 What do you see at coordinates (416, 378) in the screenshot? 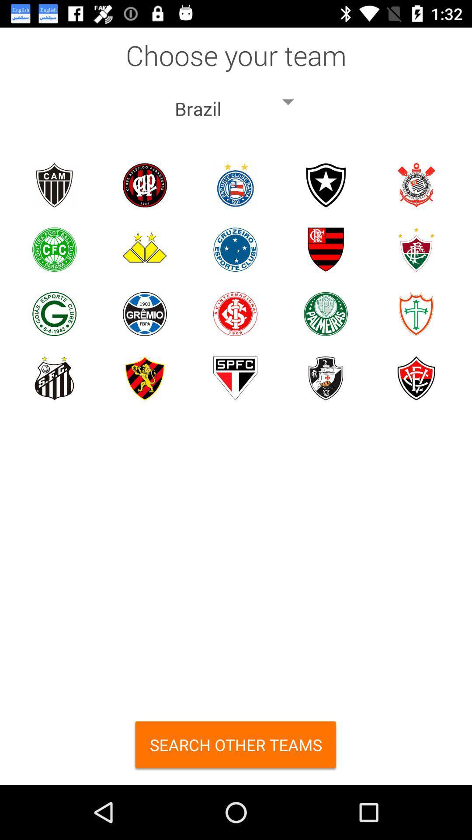
I see `team selection` at bounding box center [416, 378].